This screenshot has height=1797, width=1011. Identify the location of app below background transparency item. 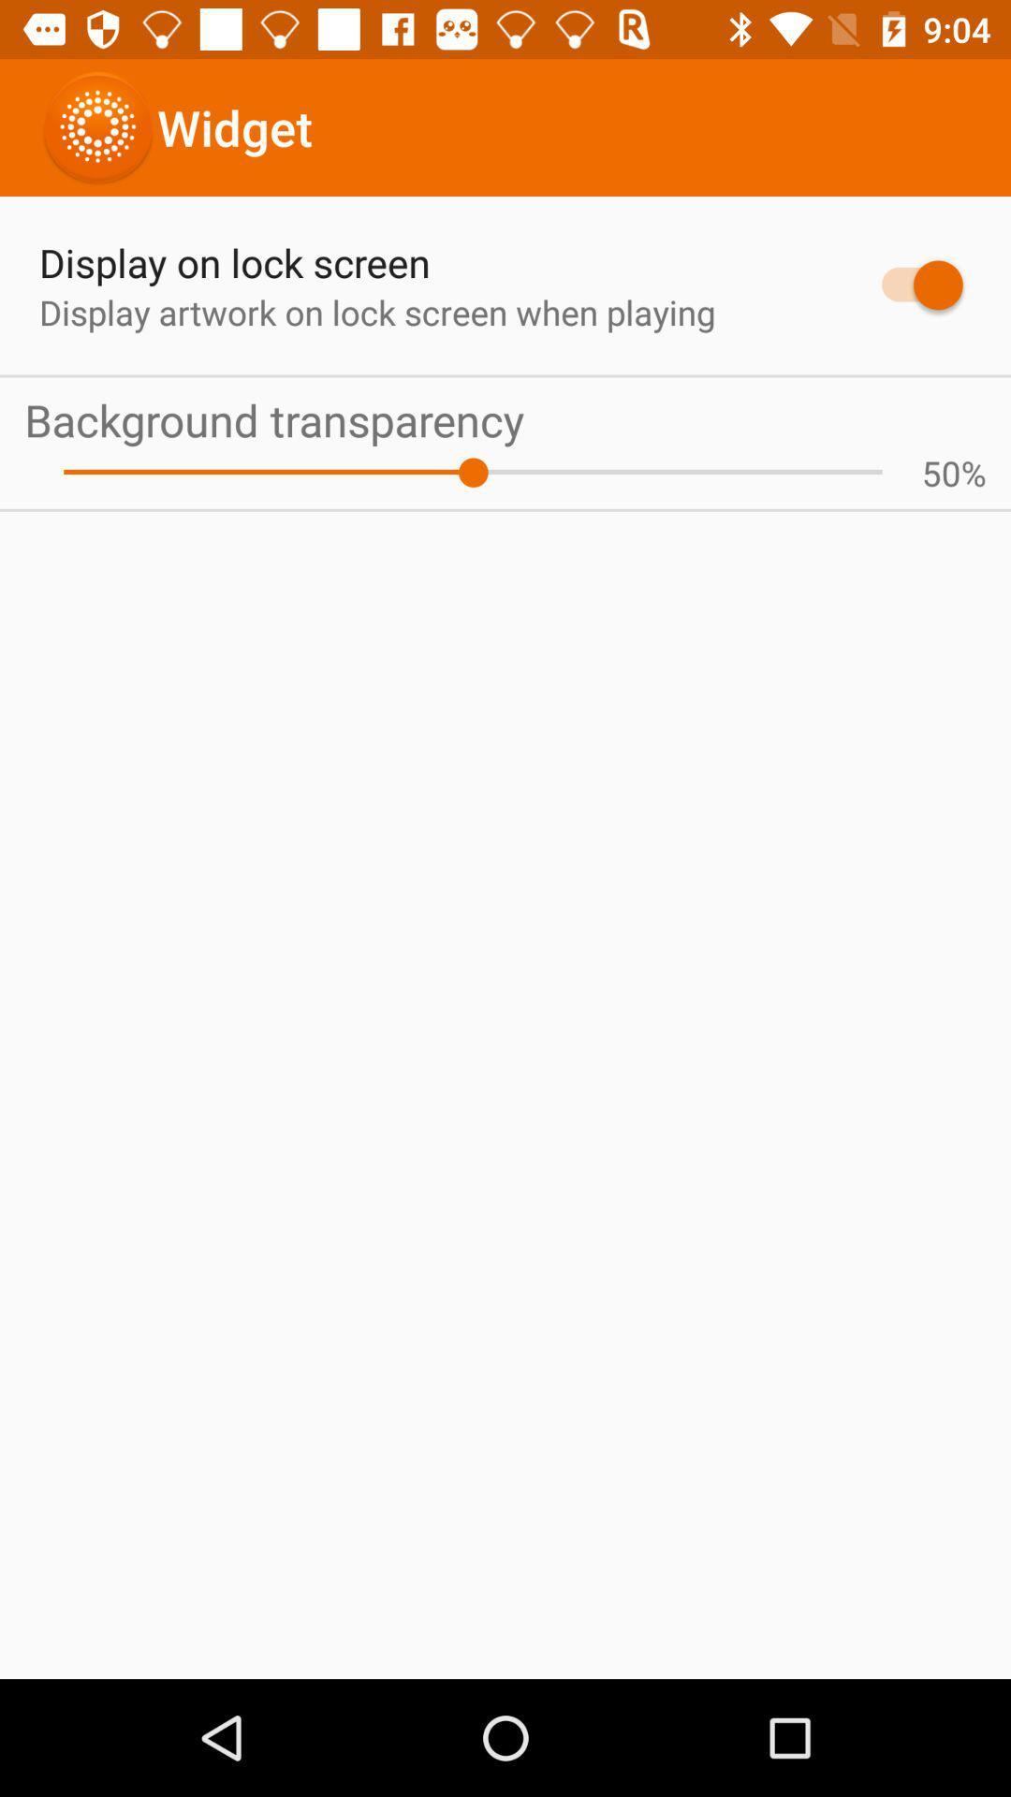
(973, 473).